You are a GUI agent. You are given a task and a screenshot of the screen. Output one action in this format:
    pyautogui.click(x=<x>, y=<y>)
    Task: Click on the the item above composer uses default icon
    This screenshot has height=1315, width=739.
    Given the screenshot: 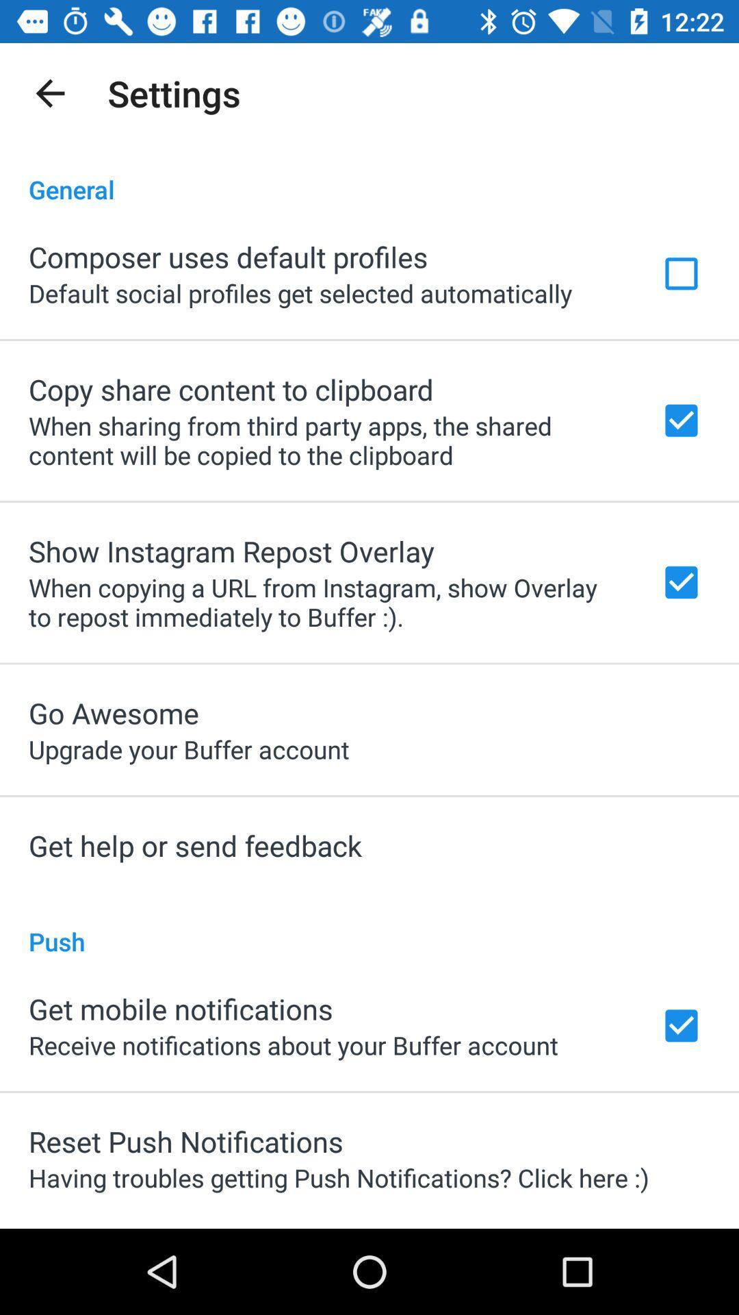 What is the action you would take?
    pyautogui.click(x=369, y=174)
    